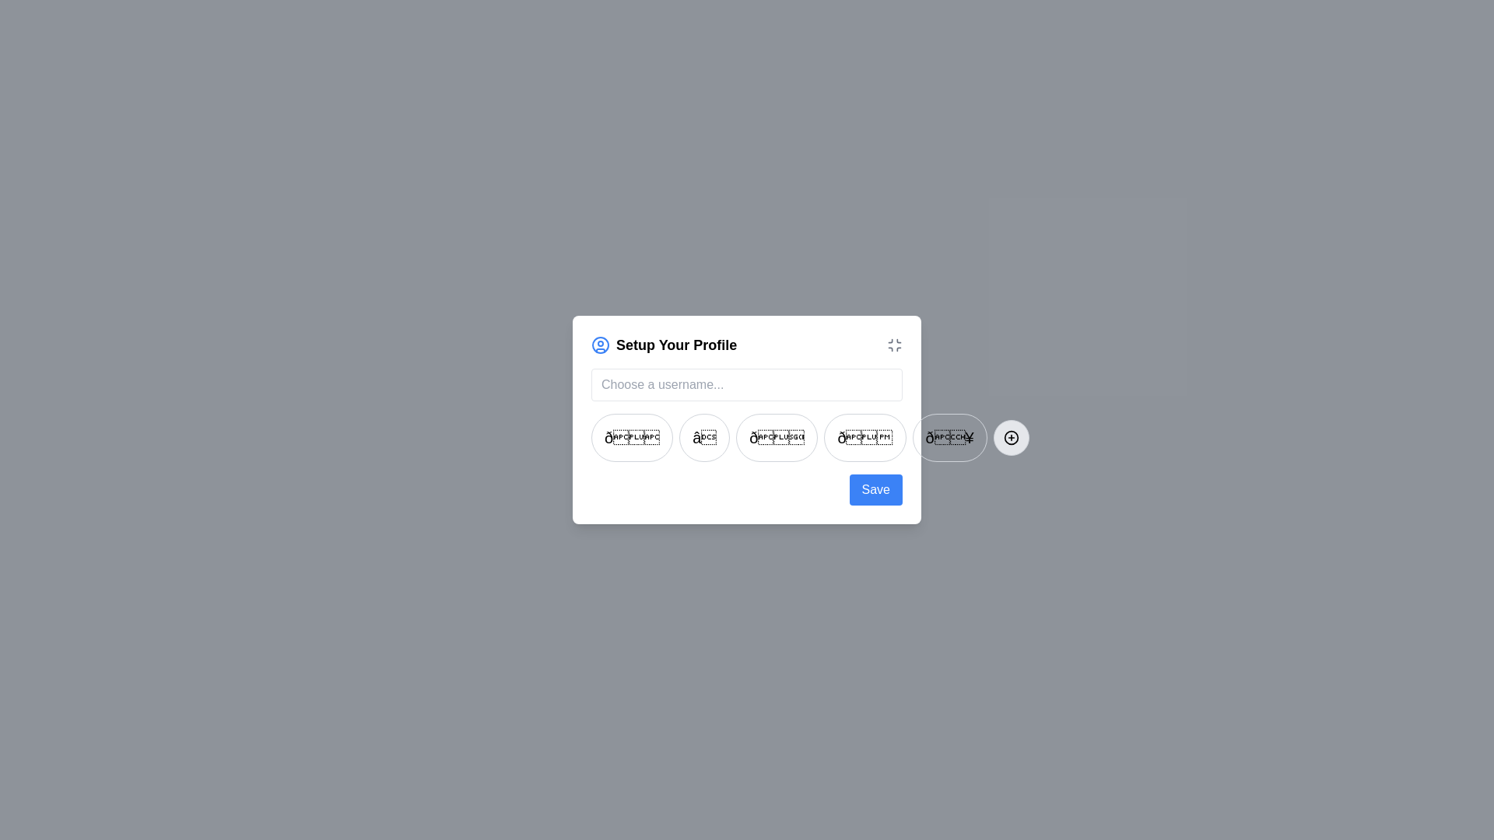 This screenshot has height=840, width=1494. What do you see at coordinates (747, 438) in the screenshot?
I see `the third circular button` at bounding box center [747, 438].